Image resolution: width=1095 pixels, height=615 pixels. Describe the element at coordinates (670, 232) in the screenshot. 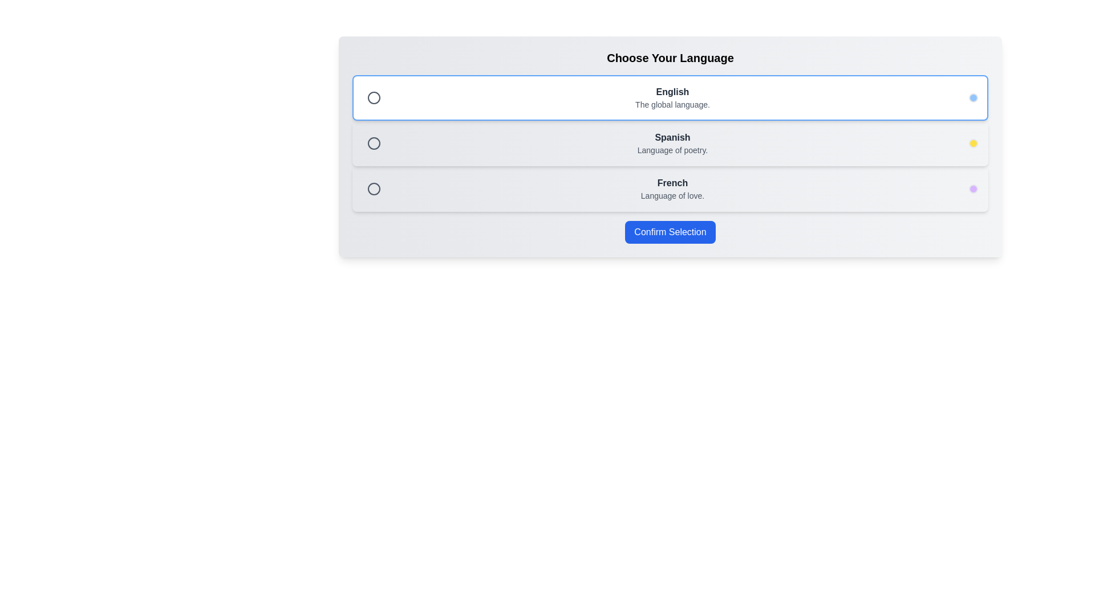

I see `the confirmation button located below the language options to confirm the user's selection` at that location.